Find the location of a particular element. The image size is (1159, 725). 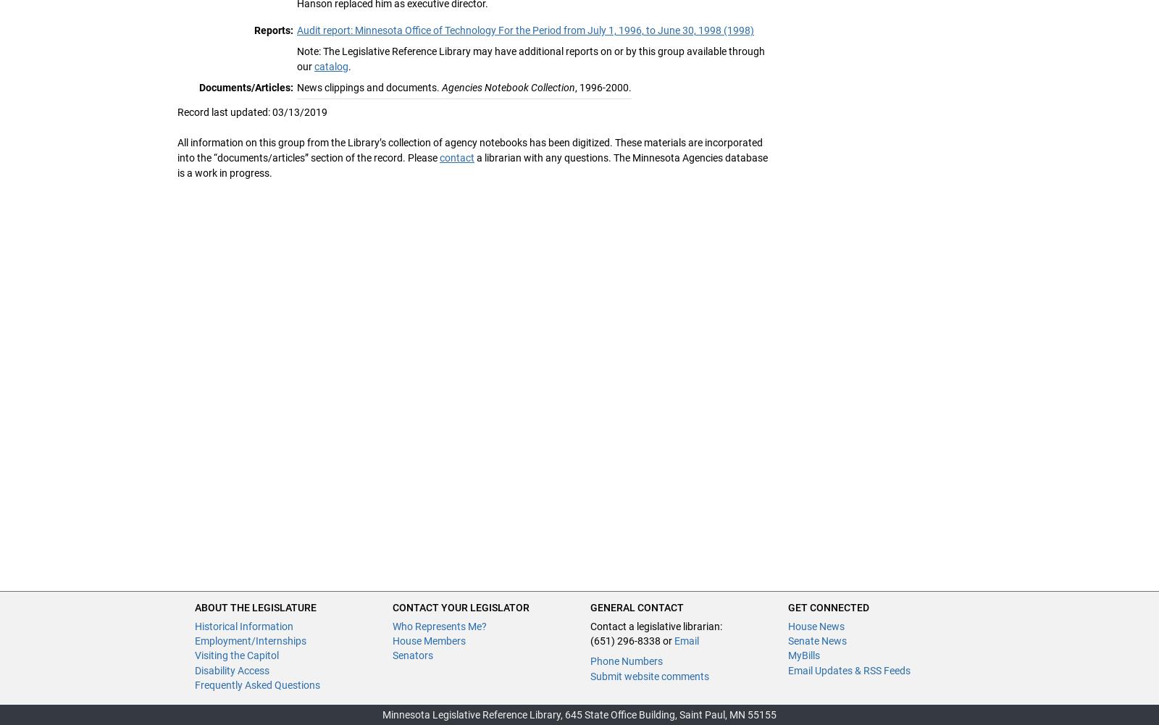

'(651) 296-8338' is located at coordinates (624, 640).